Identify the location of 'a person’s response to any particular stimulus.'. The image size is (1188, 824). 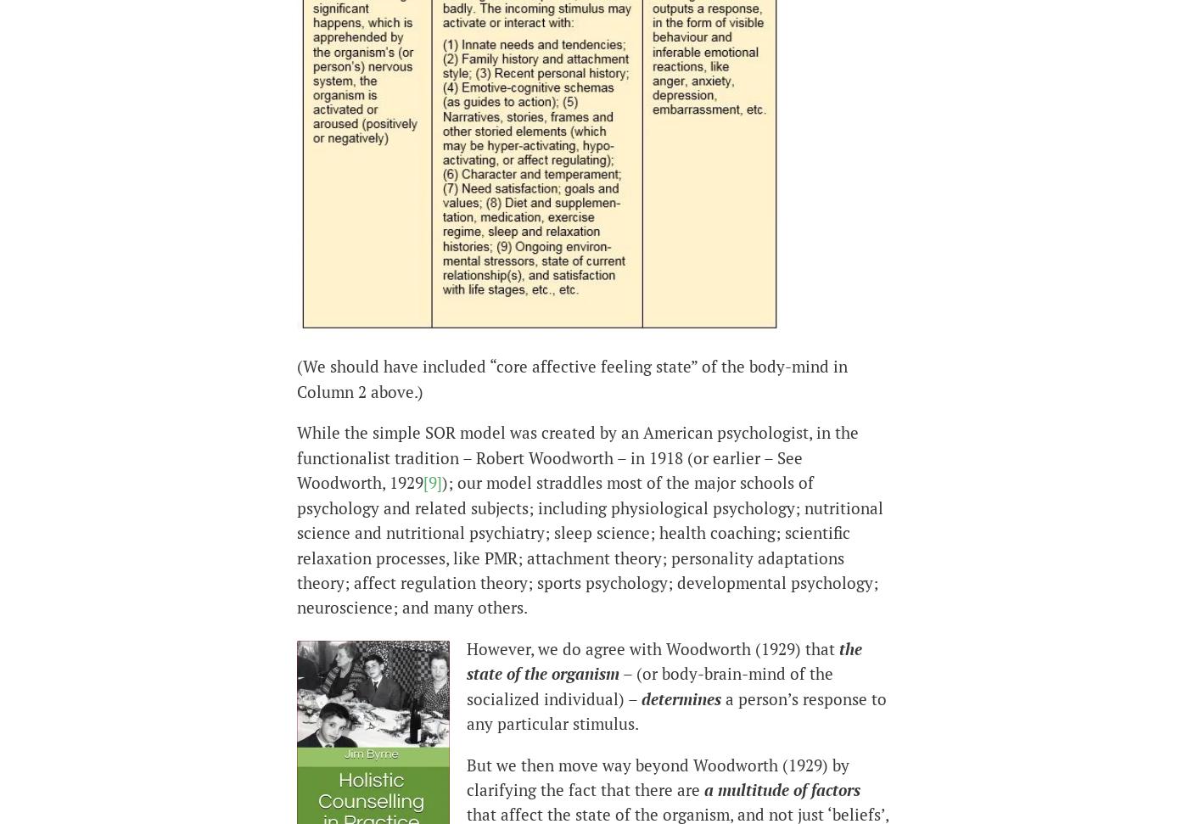
(676, 709).